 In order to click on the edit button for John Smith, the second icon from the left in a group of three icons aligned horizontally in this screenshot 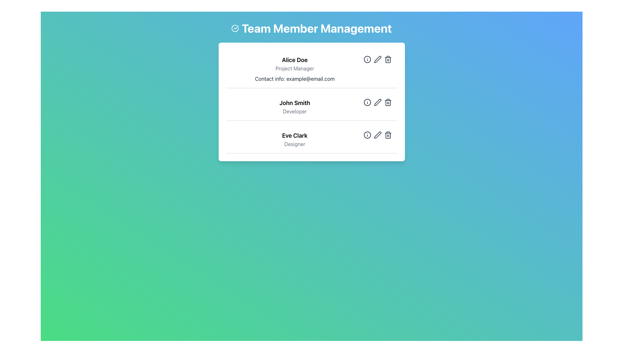, I will do `click(377, 102)`.